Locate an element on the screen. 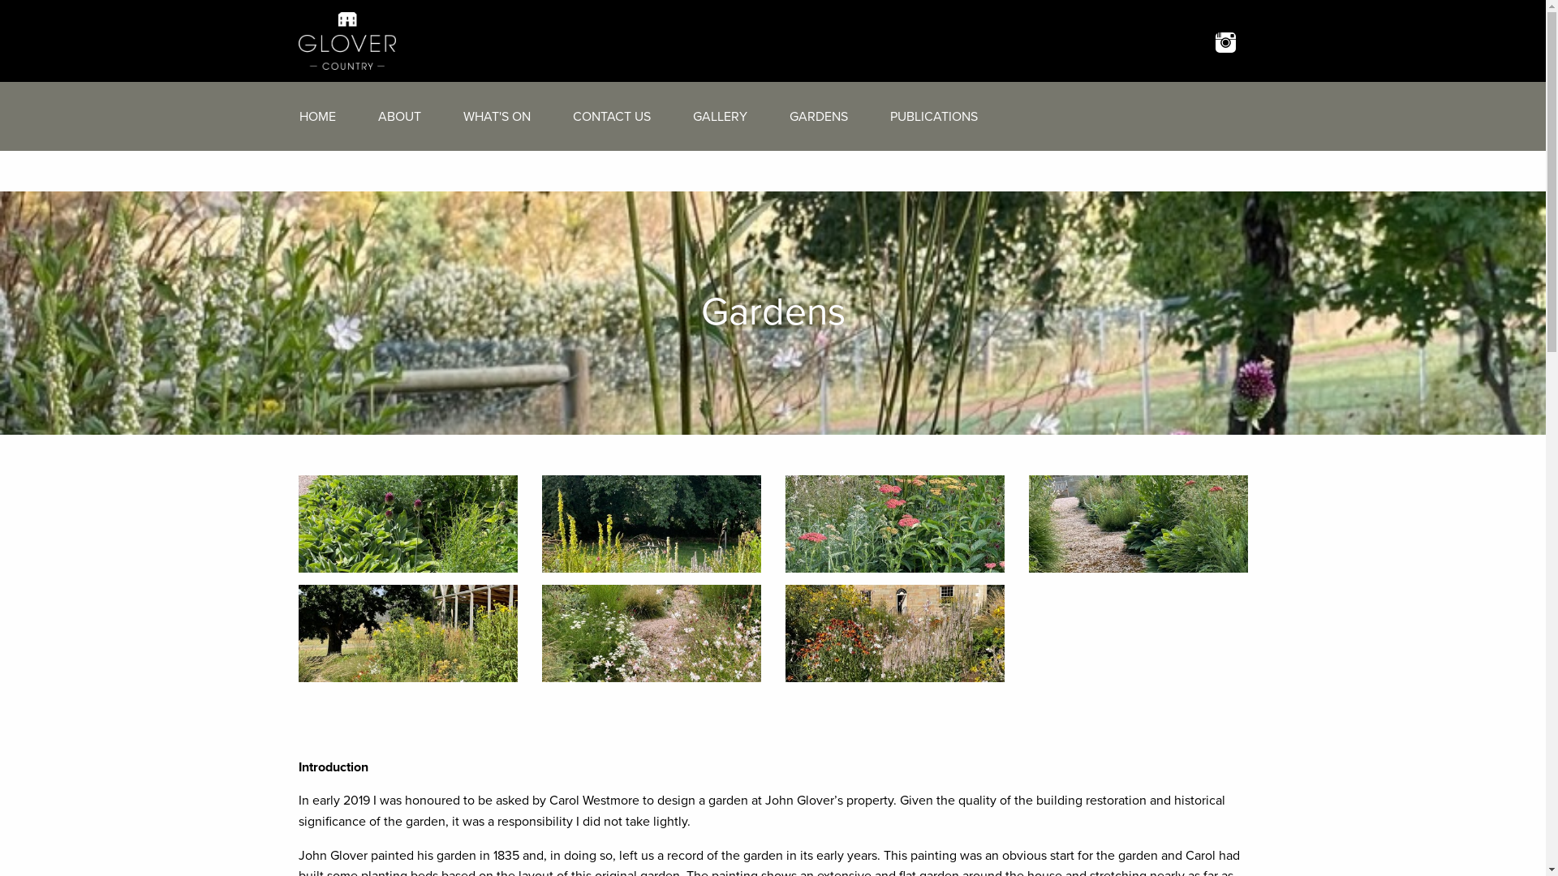 This screenshot has height=876, width=1558. 'WHAT'S ON' is located at coordinates (449, 114).